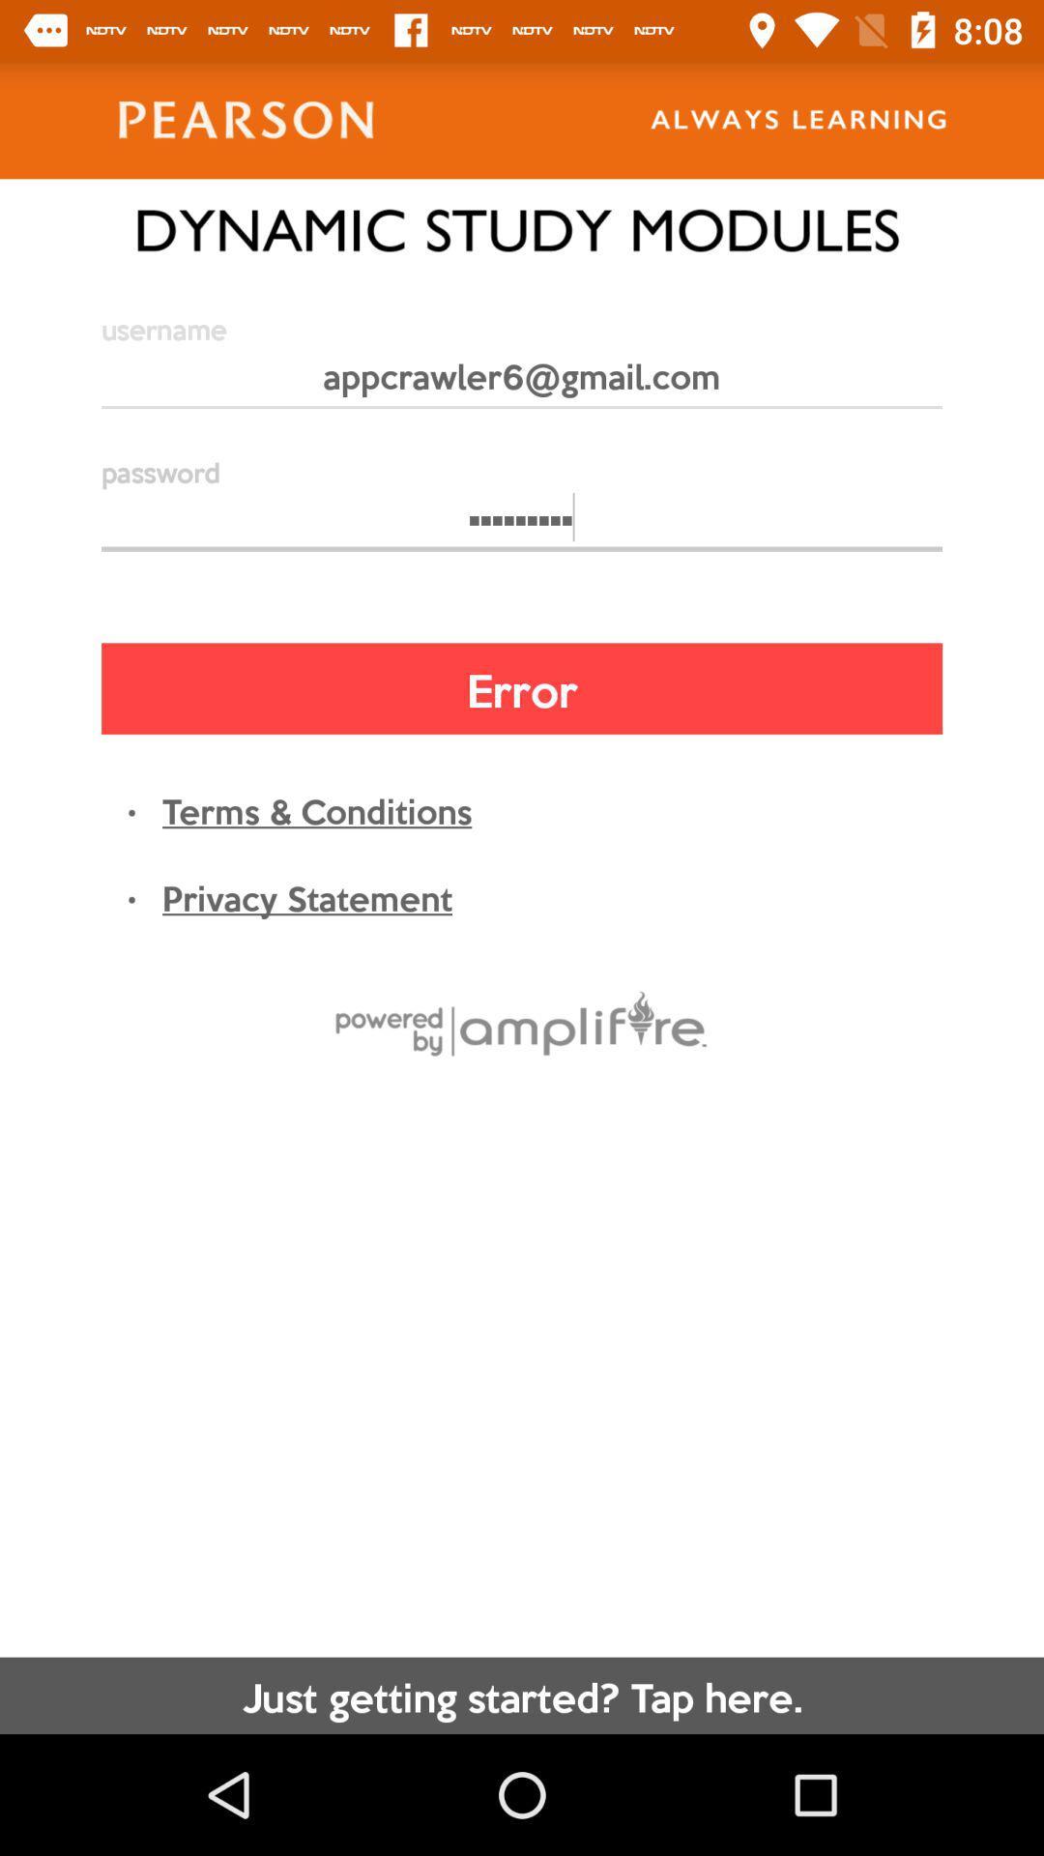 The image size is (1044, 1856). What do you see at coordinates (316, 809) in the screenshot?
I see `the item above the privacy statement item` at bounding box center [316, 809].